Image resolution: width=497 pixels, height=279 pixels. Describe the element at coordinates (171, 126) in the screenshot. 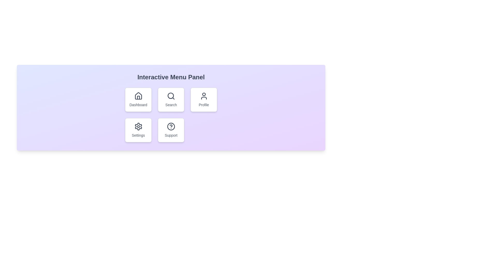

I see `the circular decorative graphical element that is centrally located within the 'Support' icon, positioned in the second row and second column of the grid layout` at that location.